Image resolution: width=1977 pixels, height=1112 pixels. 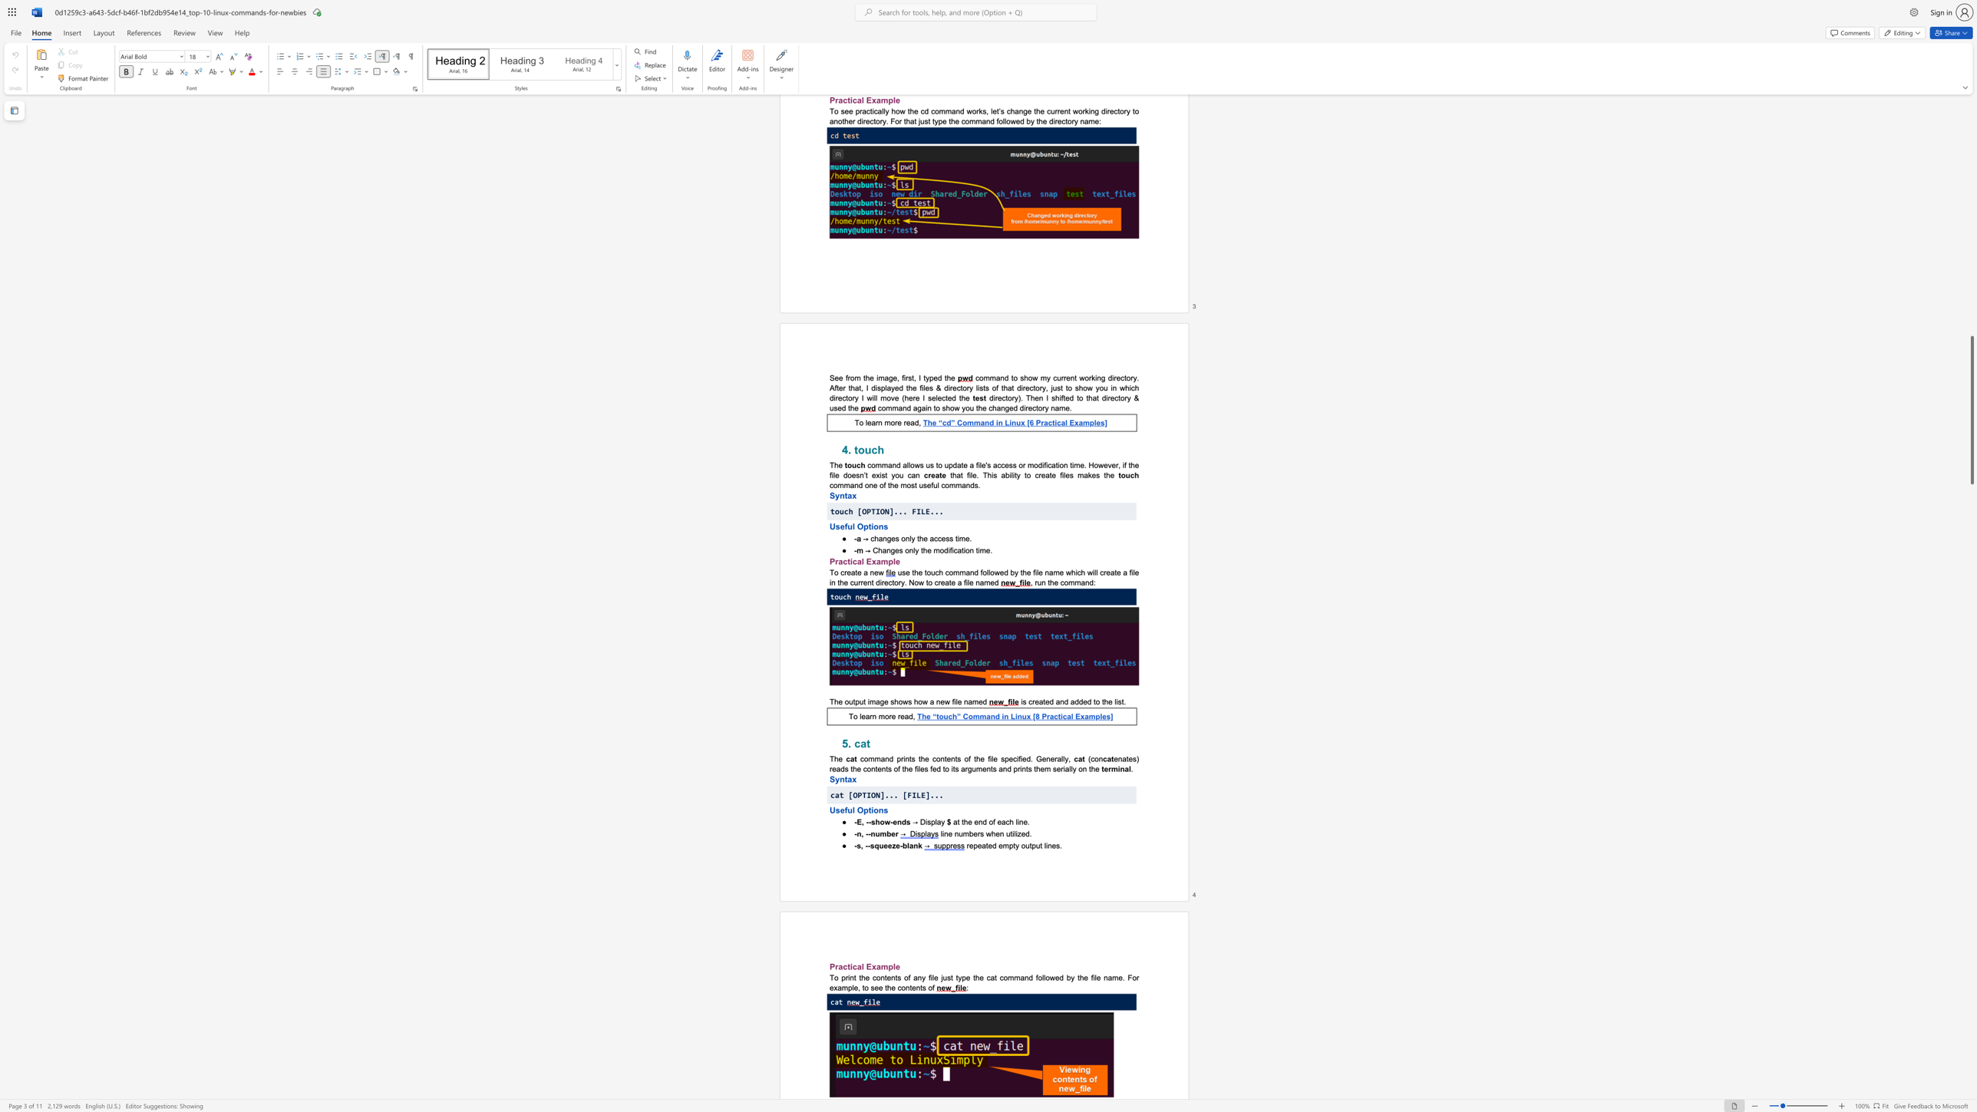 What do you see at coordinates (1047, 768) in the screenshot?
I see `the 2th character "m" in the text` at bounding box center [1047, 768].